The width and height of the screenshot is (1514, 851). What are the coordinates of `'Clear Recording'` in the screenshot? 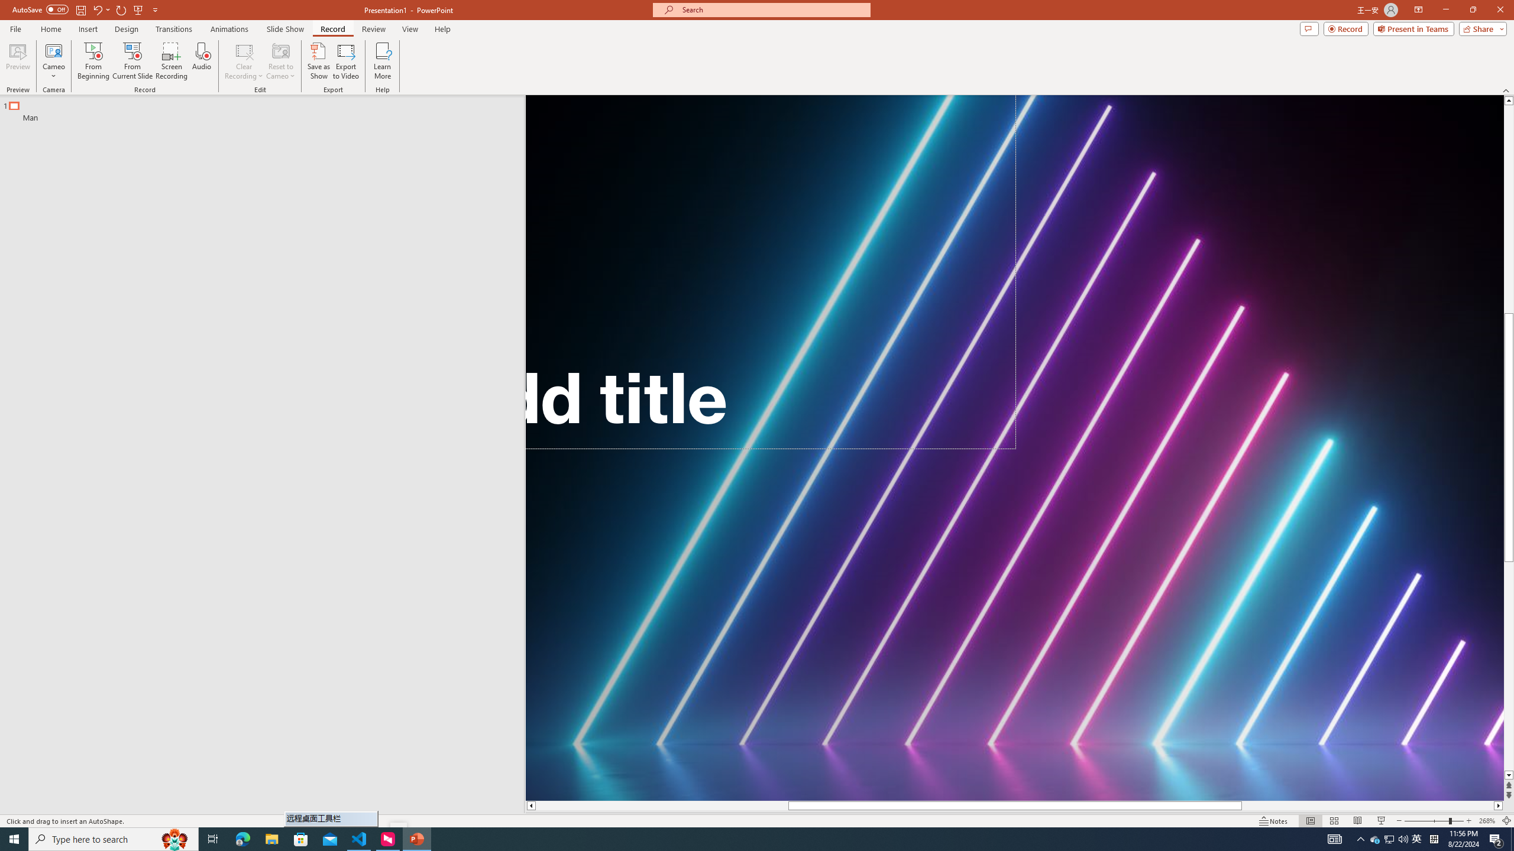 It's located at (244, 61).